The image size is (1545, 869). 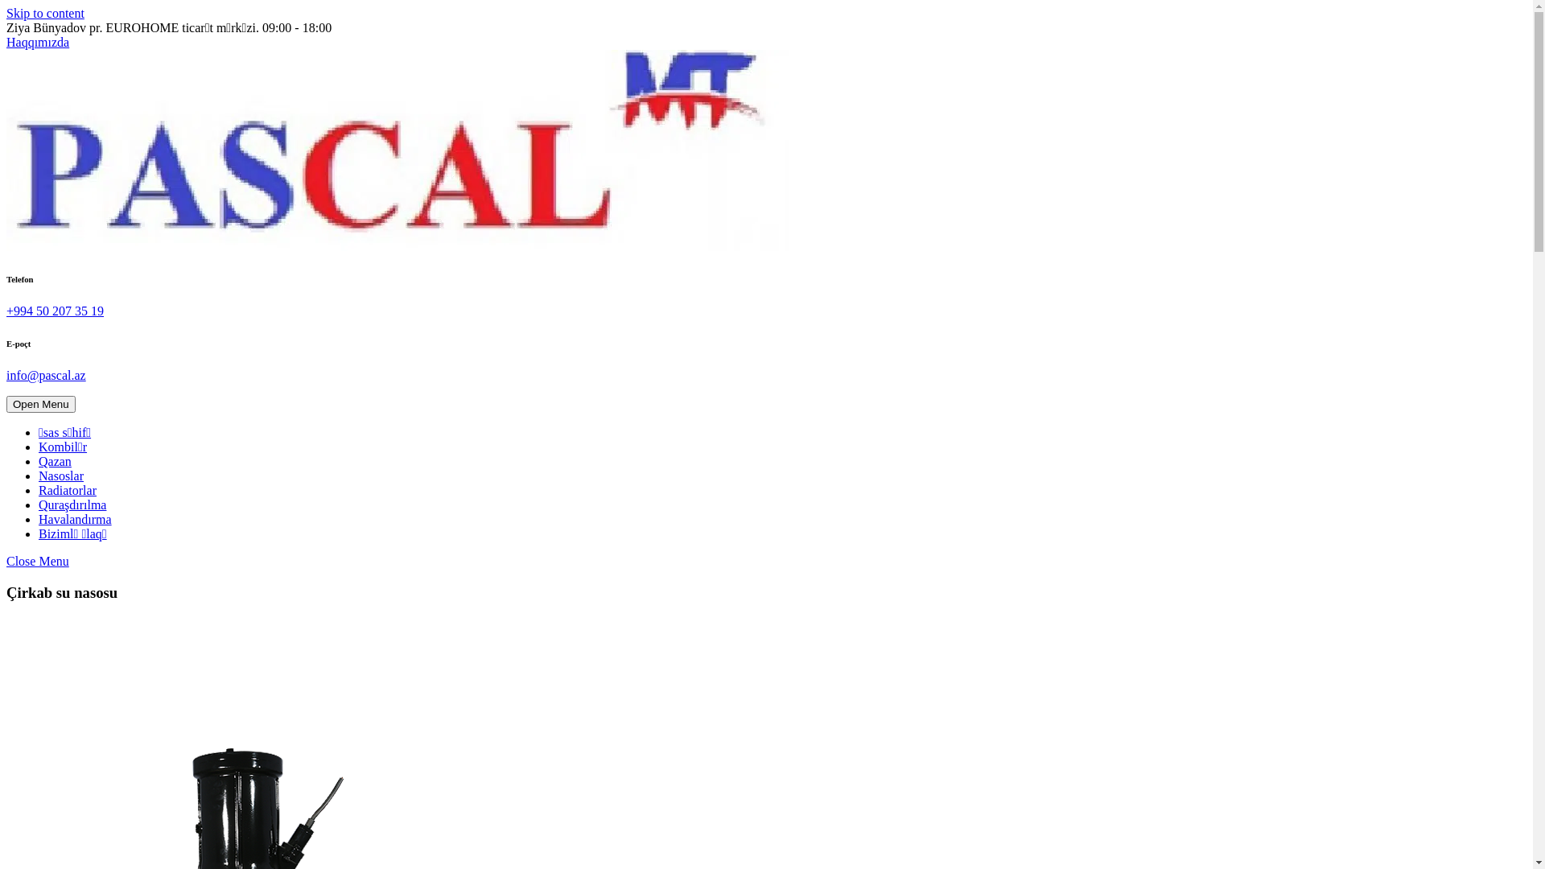 What do you see at coordinates (55, 311) in the screenshot?
I see `'+994 50 207 35 19'` at bounding box center [55, 311].